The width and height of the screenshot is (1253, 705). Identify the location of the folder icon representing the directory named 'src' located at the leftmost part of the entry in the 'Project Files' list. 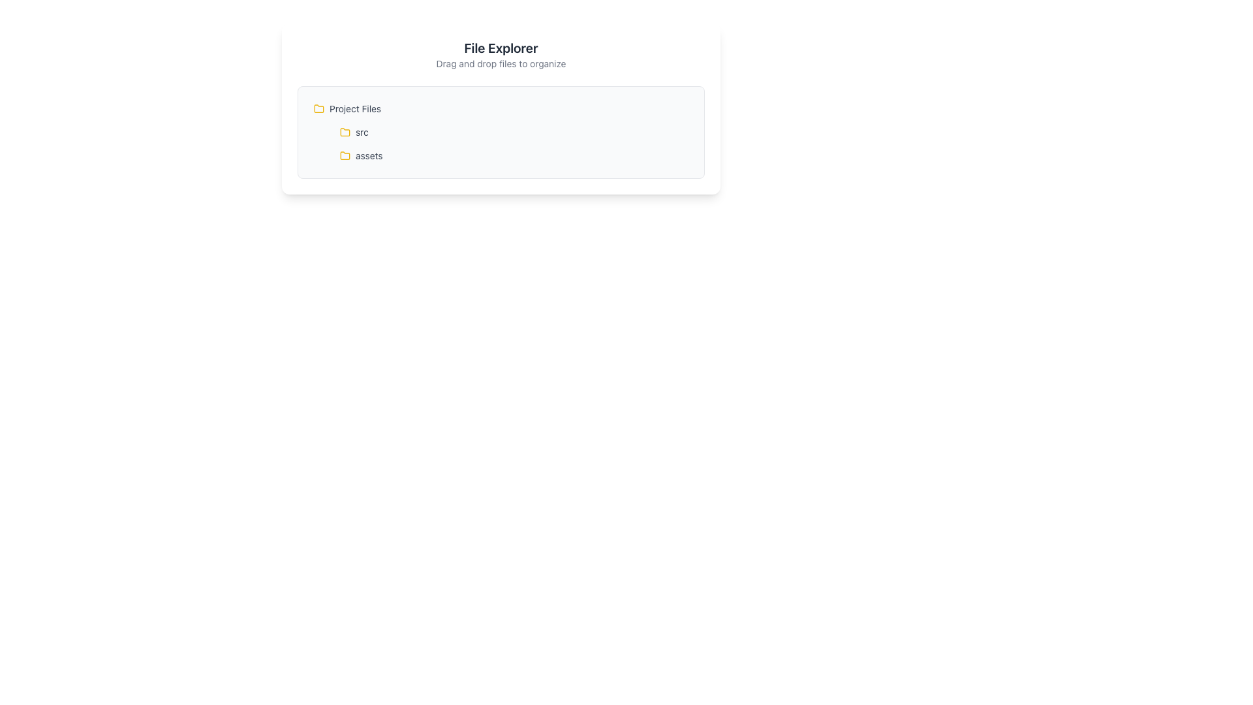
(345, 133).